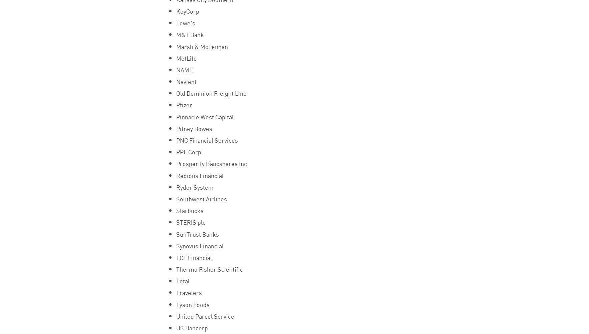 Image resolution: width=589 pixels, height=334 pixels. Describe the element at coordinates (199, 175) in the screenshot. I see `'Regions Financial'` at that location.